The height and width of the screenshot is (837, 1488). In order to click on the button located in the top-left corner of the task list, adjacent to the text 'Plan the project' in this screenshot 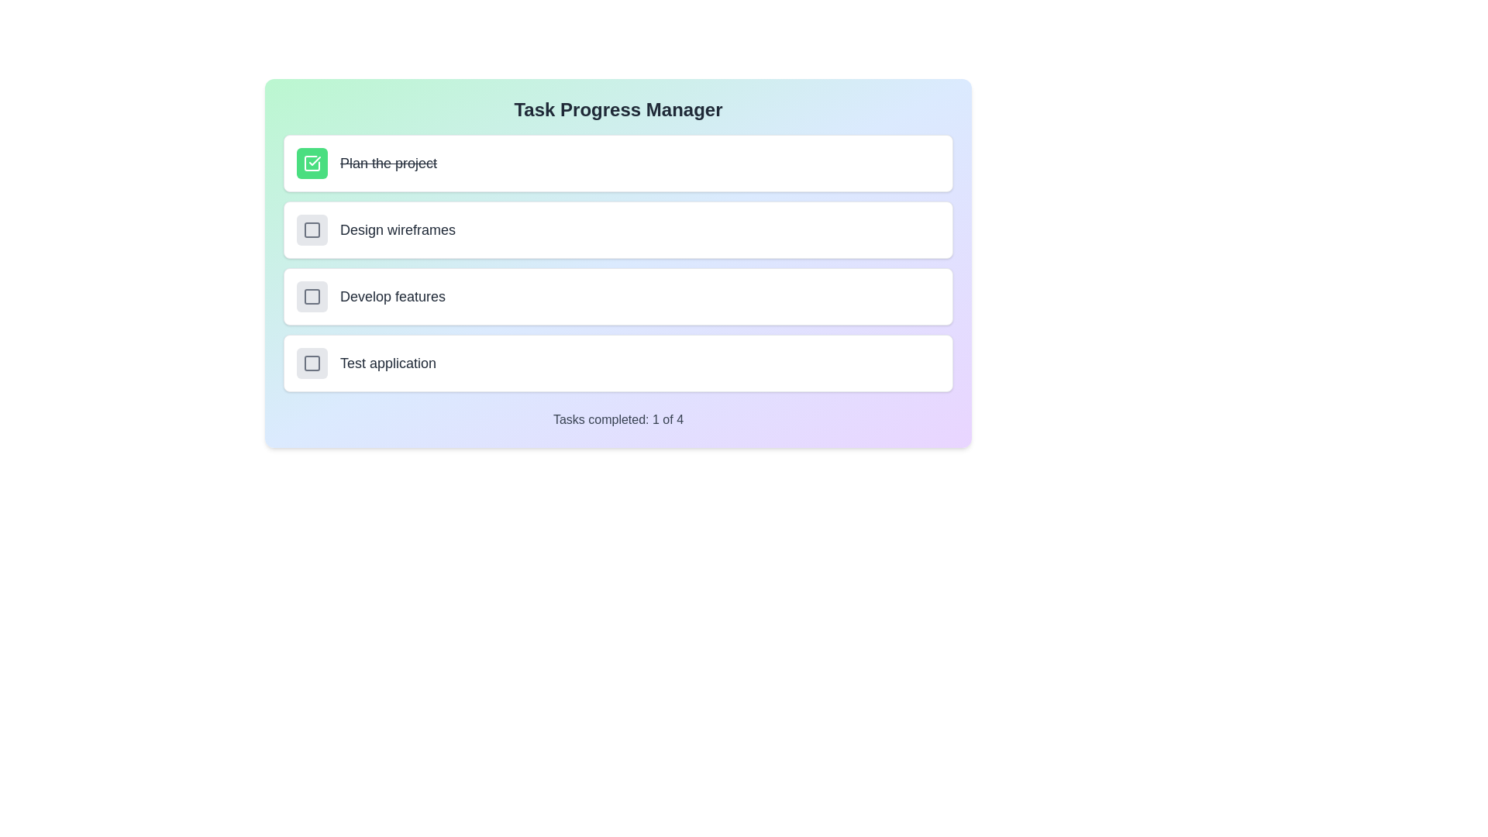, I will do `click(312, 164)`.